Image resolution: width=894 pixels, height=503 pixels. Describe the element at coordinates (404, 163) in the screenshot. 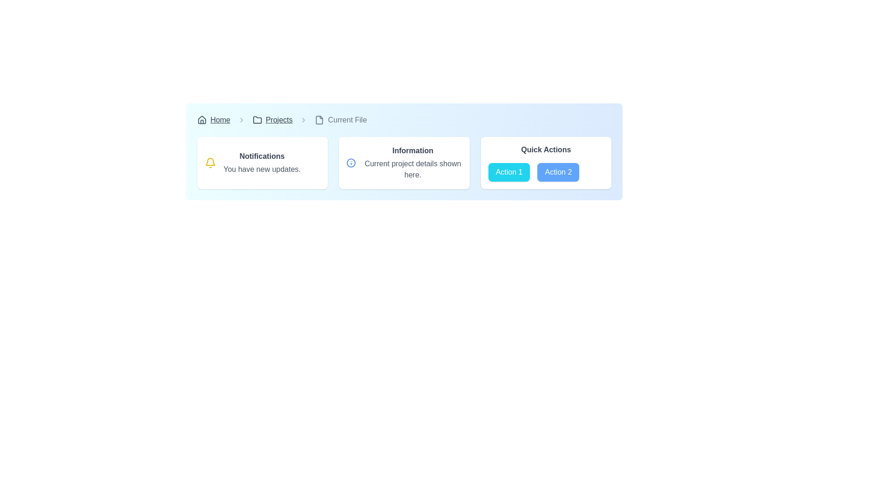

I see `informational message displayed in the second Card component, which is located between the 'Notifications' card and the 'Quick Actions' card in the grid layout` at that location.